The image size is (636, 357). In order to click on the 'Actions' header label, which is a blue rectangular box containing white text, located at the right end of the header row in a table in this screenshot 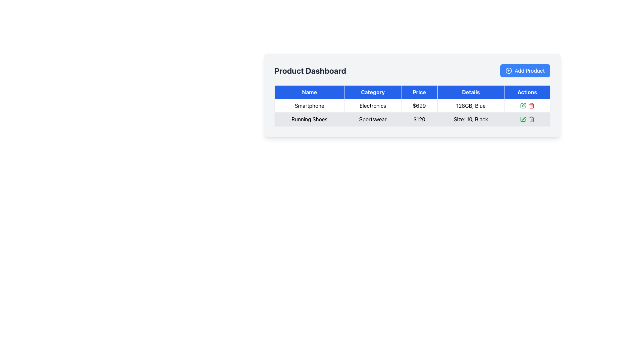, I will do `click(527, 92)`.